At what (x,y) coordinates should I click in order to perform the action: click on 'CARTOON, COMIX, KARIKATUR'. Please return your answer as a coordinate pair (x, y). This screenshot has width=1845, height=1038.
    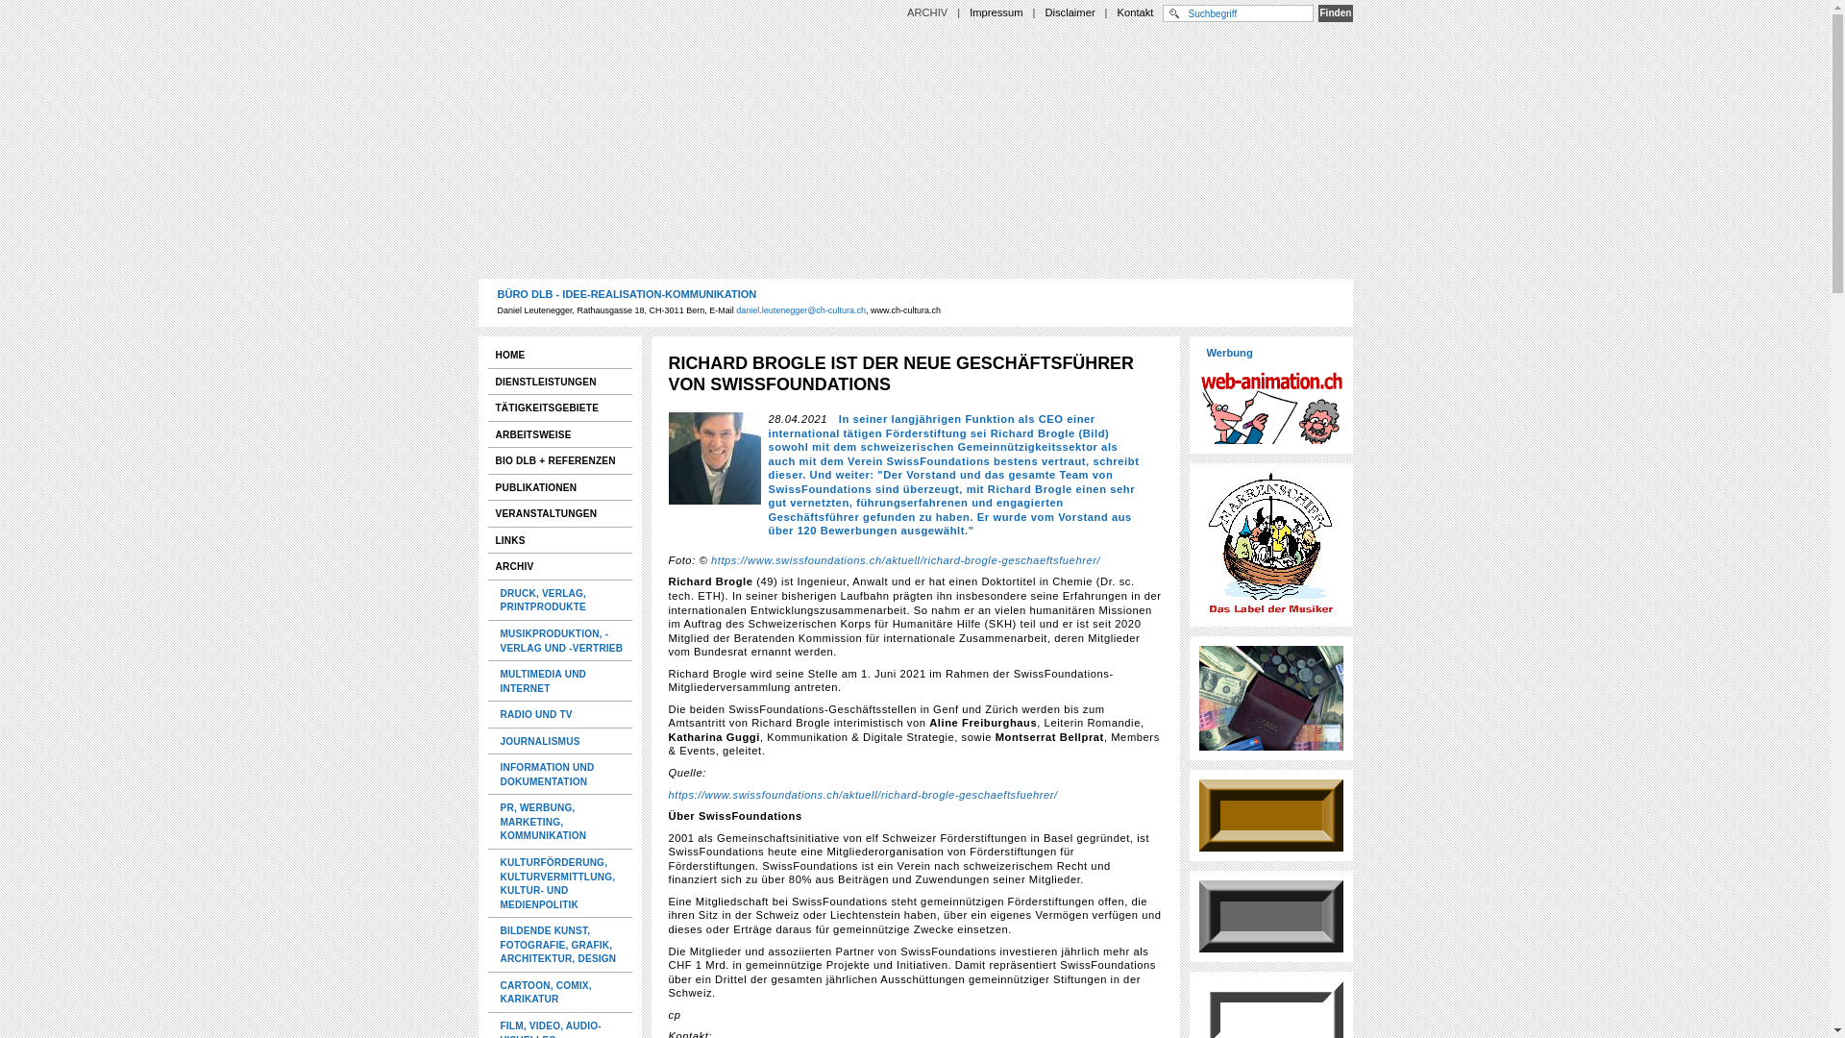
    Looking at the image, I should click on (560, 992).